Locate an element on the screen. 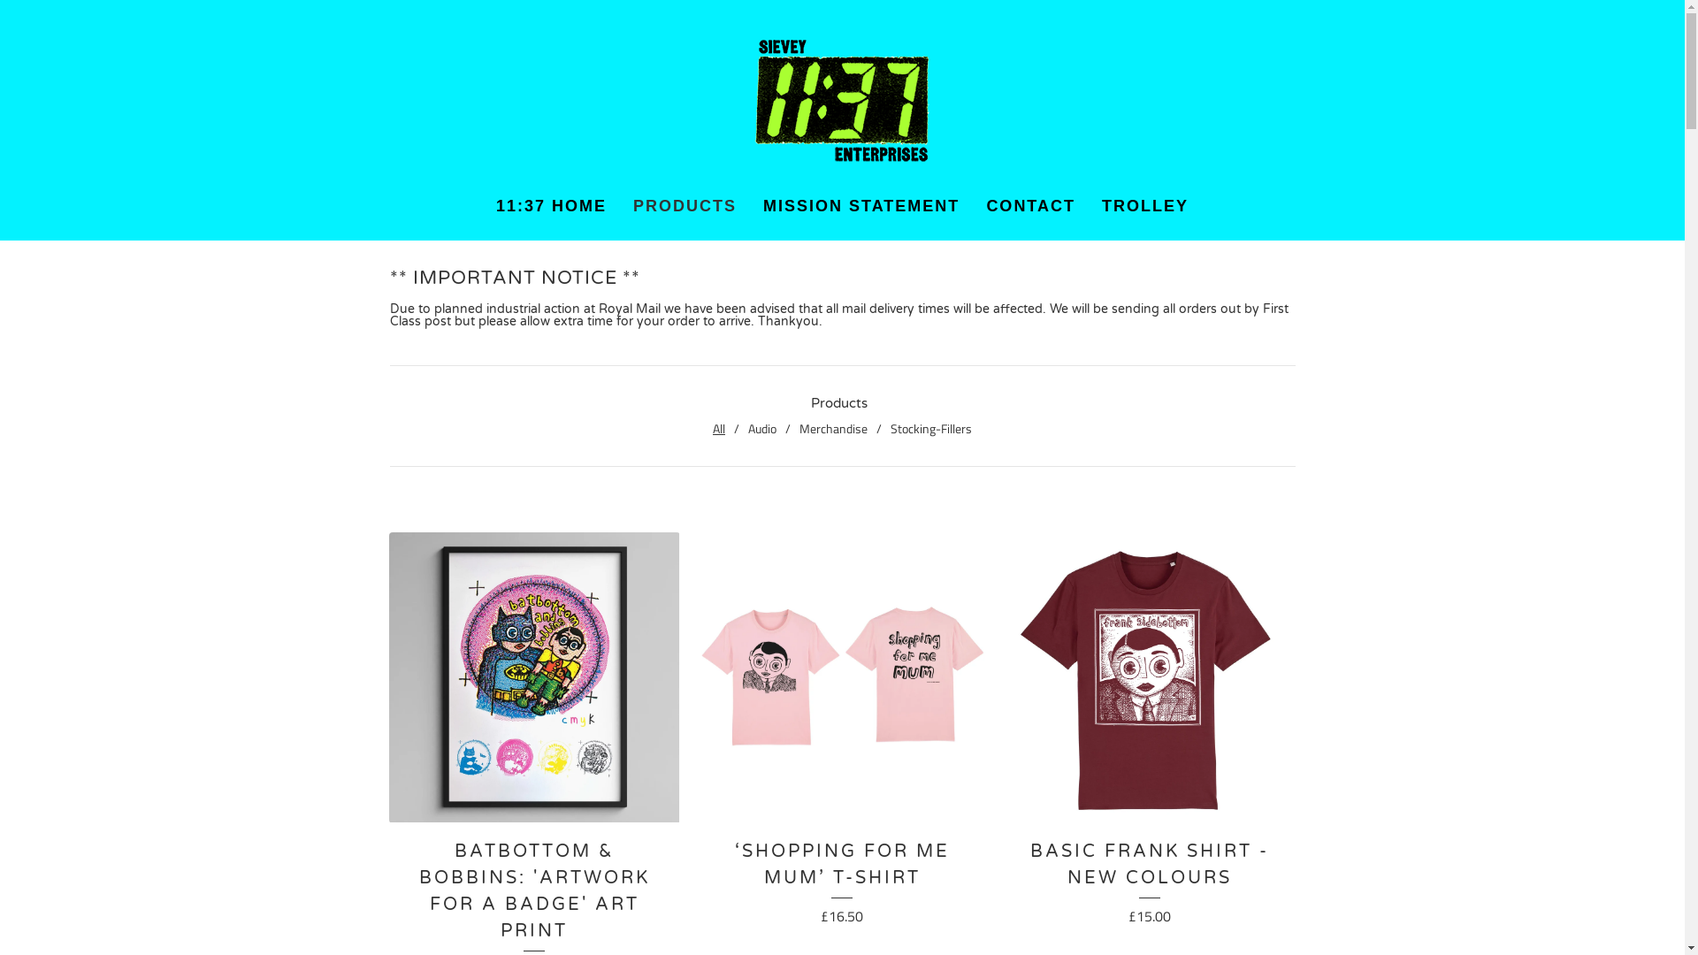 The width and height of the screenshot is (1698, 955). '11:37 HOME' is located at coordinates (550, 204).